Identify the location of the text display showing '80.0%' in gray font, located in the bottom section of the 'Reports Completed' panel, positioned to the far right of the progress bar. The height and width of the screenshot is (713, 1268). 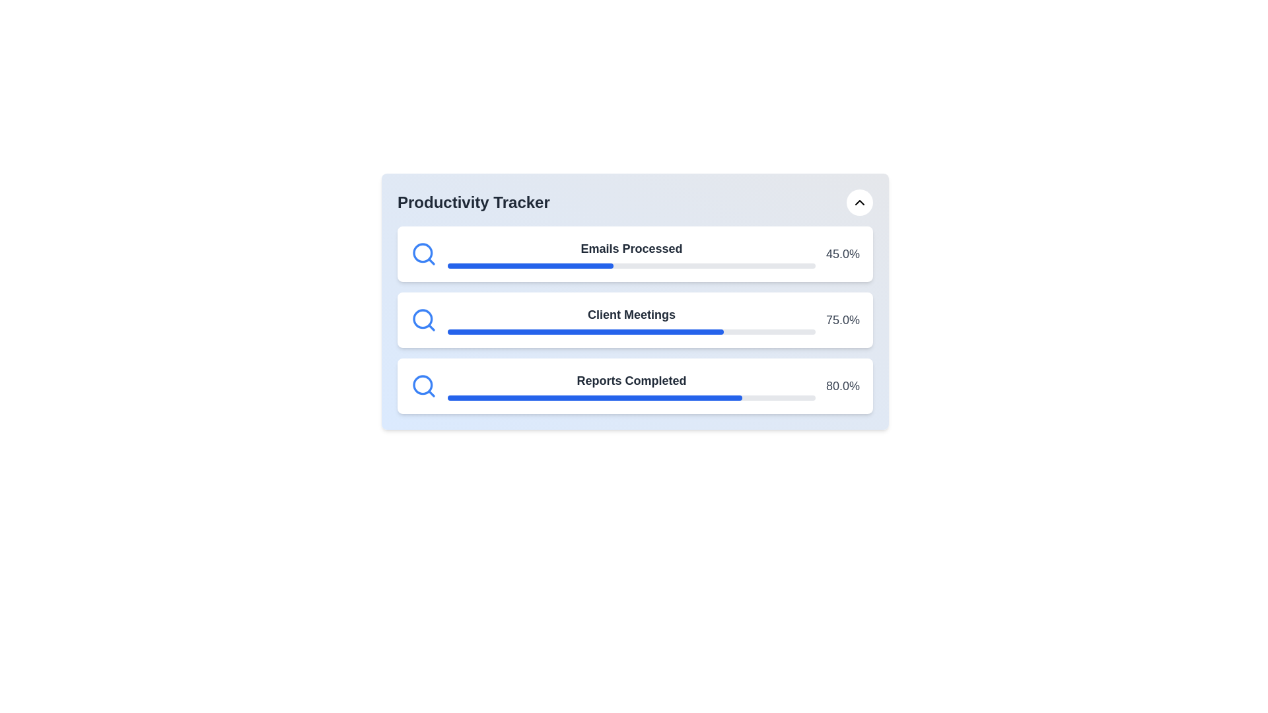
(842, 386).